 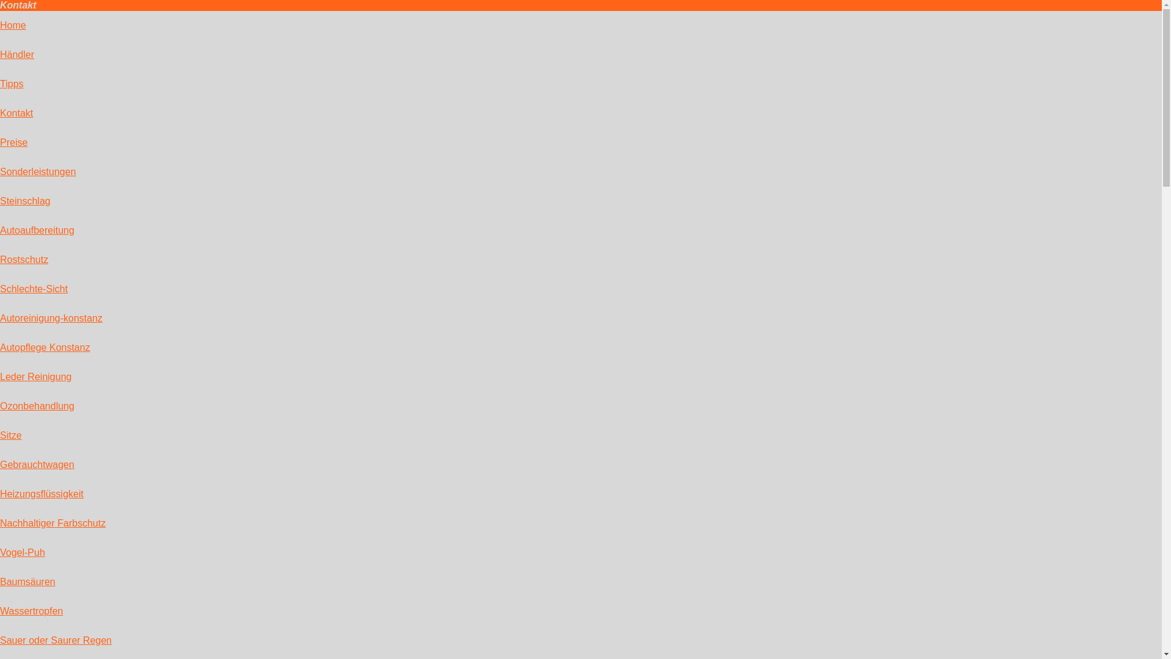 What do you see at coordinates (12, 83) in the screenshot?
I see `'Tipps'` at bounding box center [12, 83].